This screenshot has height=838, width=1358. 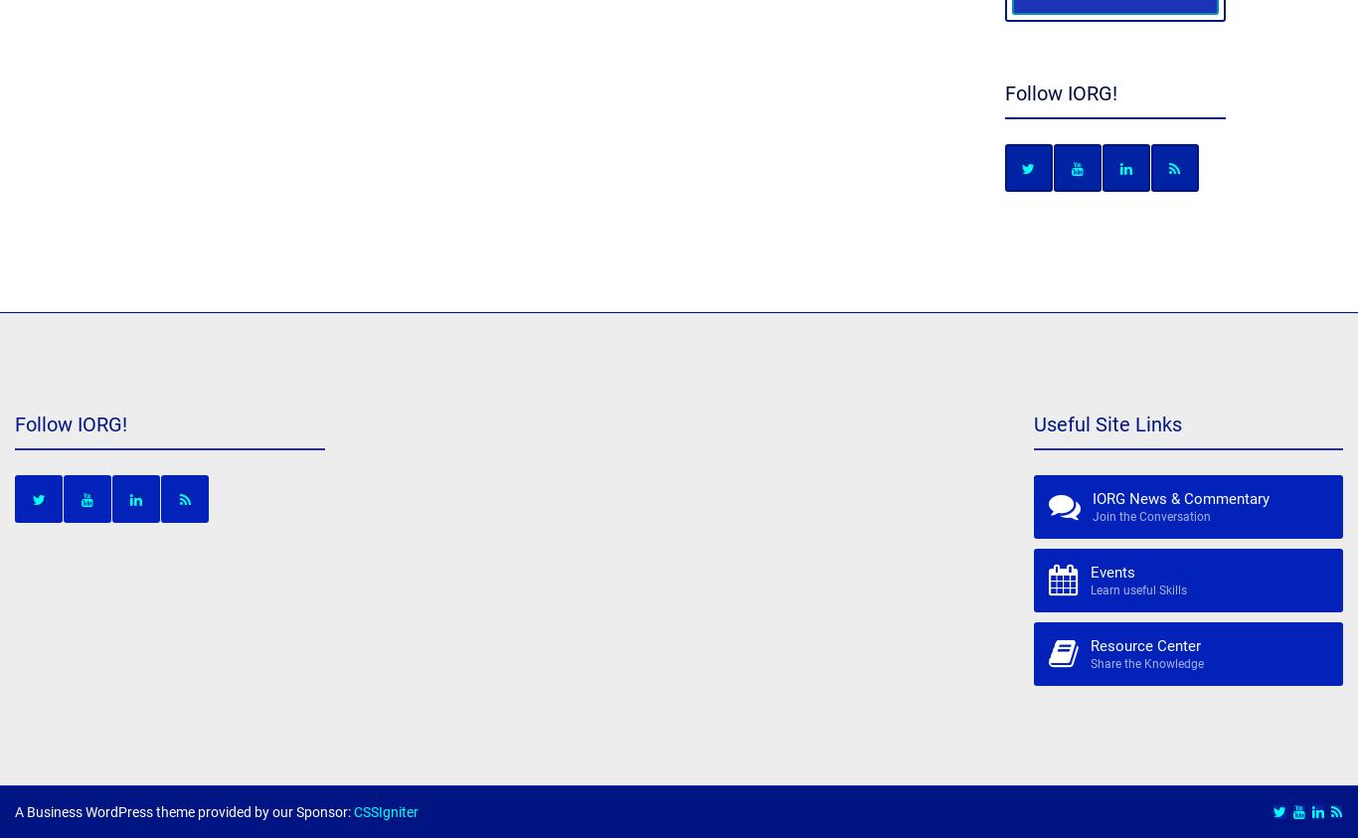 I want to click on 'IORG News & Commentary', so click(x=1180, y=497).